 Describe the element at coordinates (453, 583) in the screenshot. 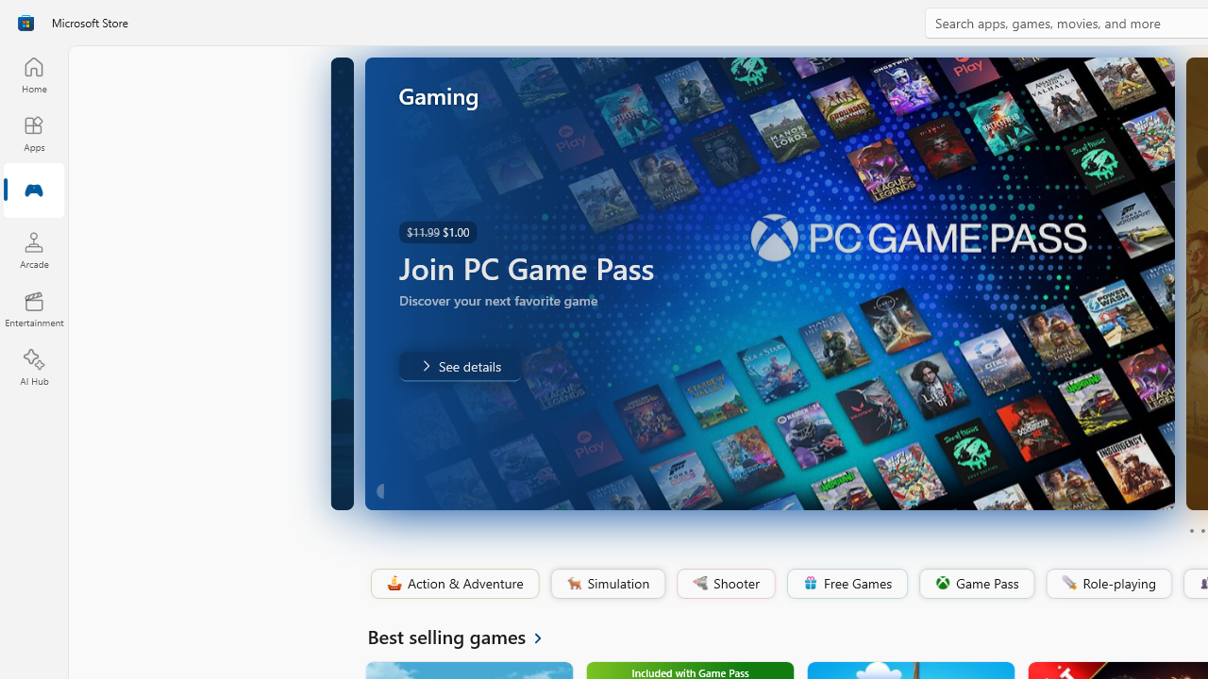

I see `'Action & Adventure'` at that location.